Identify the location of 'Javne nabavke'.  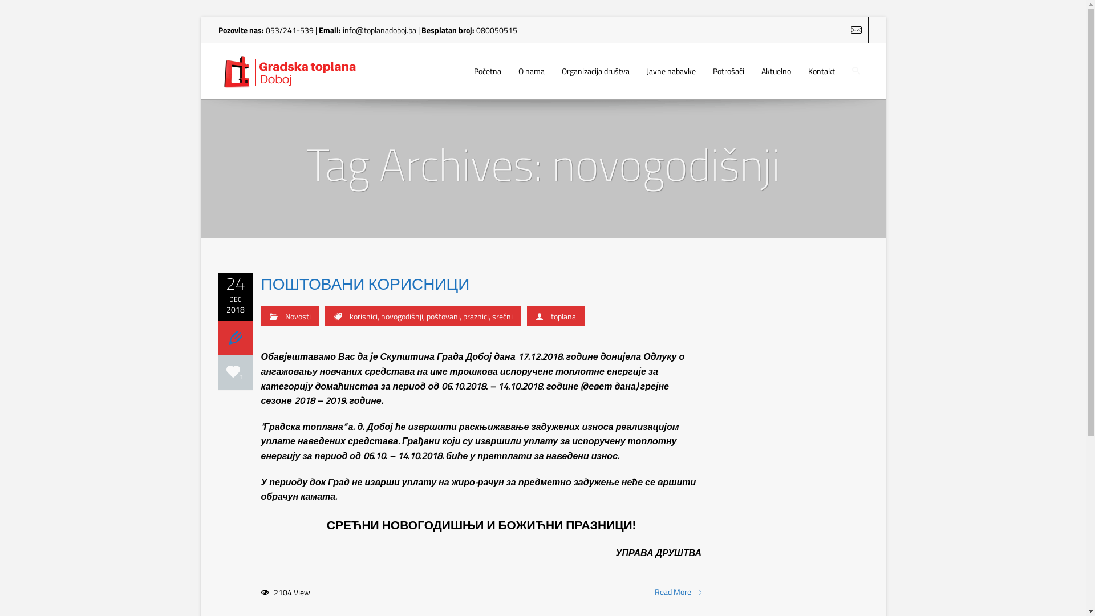
(671, 71).